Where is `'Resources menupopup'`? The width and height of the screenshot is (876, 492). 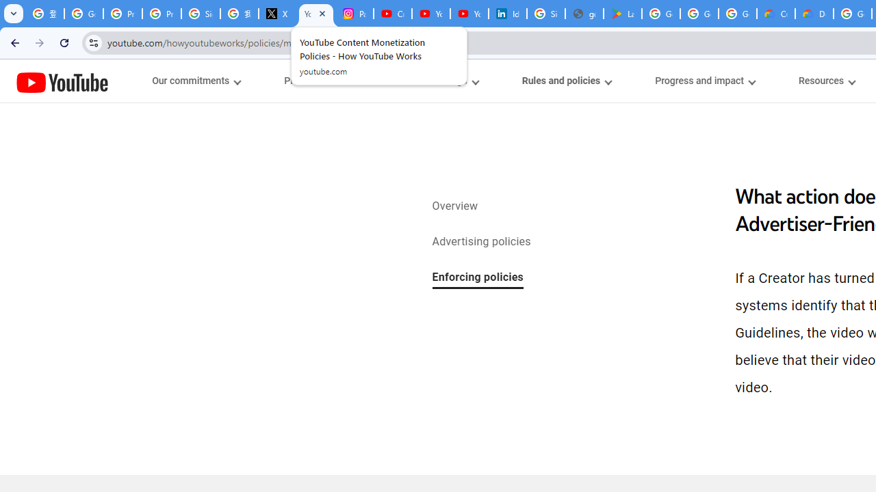
'Resources menupopup' is located at coordinates (826, 81).